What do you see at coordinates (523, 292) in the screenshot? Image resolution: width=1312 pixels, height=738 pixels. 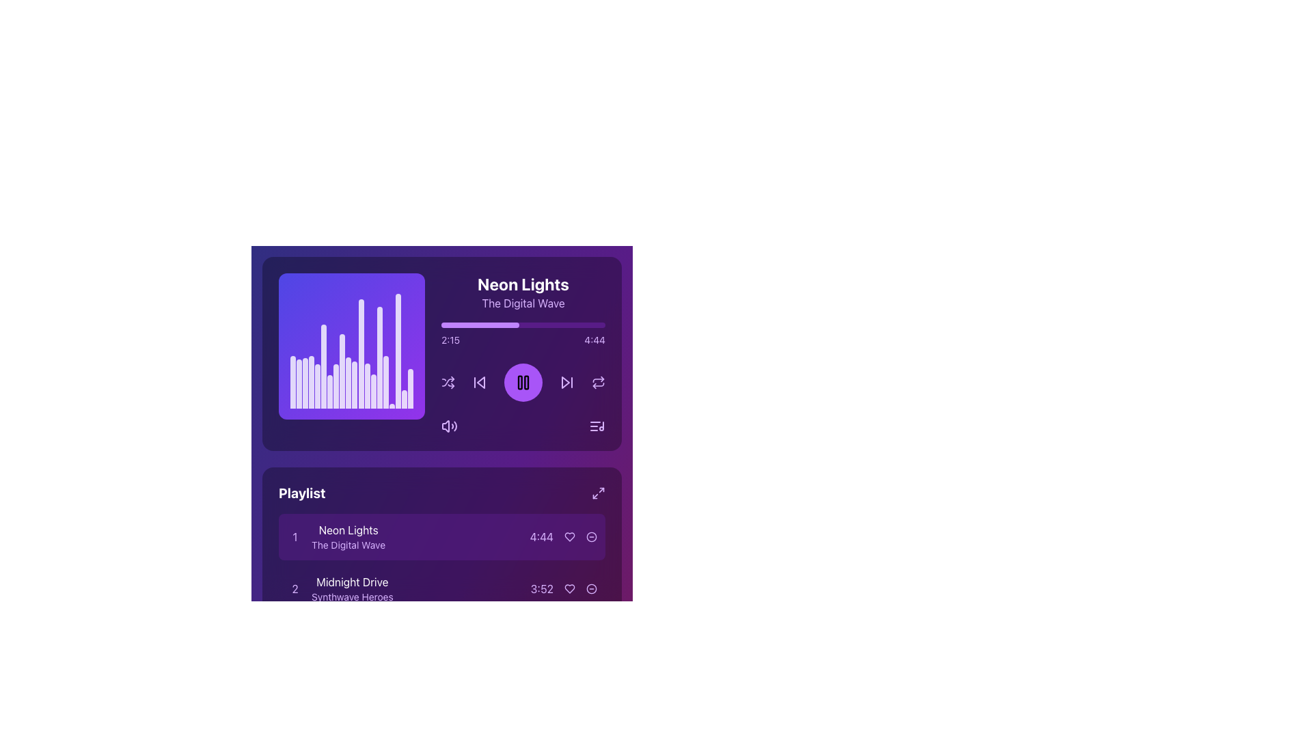 I see `the Title and subtitle display box located in the top-right quadrant of the media player interface, adjacent to the play controls` at bounding box center [523, 292].